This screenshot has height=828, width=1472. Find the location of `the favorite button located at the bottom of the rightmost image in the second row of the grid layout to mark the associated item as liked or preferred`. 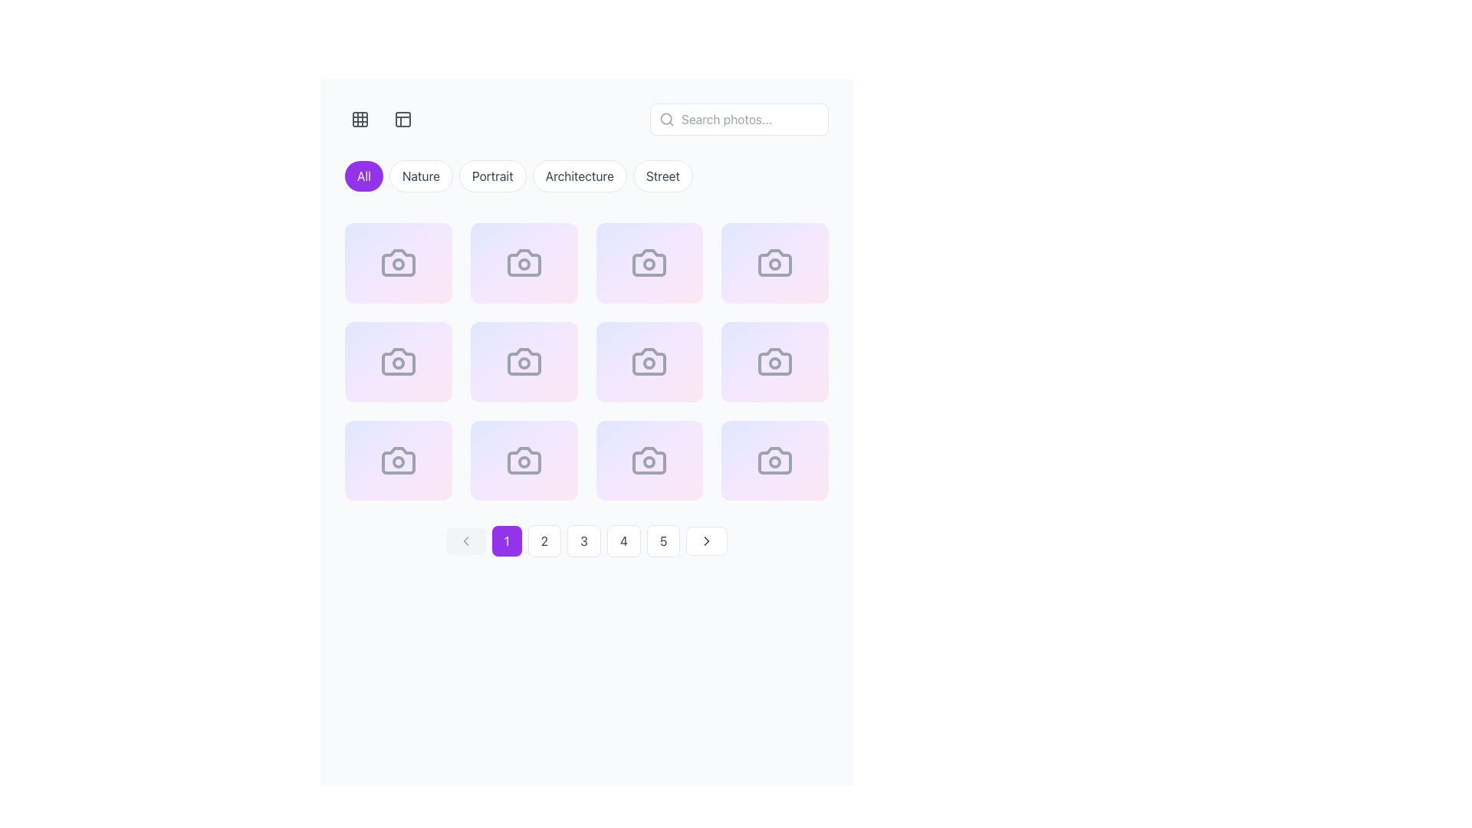

the favorite button located at the bottom of the rightmost image in the second row of the grid layout to mark the associated item as liked or preferred is located at coordinates (747, 376).